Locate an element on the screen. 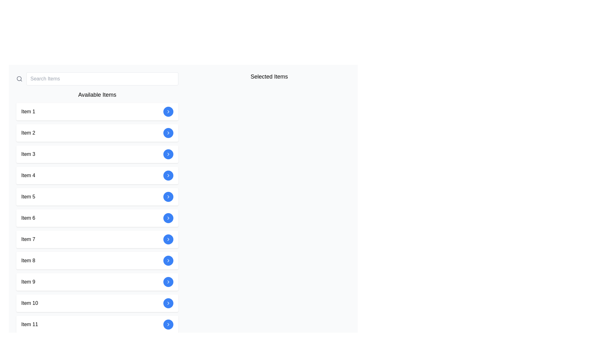 This screenshot has height=338, width=602. the chevron icon pointing to the right, which is located within a circular blue button next to the text 'Item 10' is located at coordinates (168, 303).